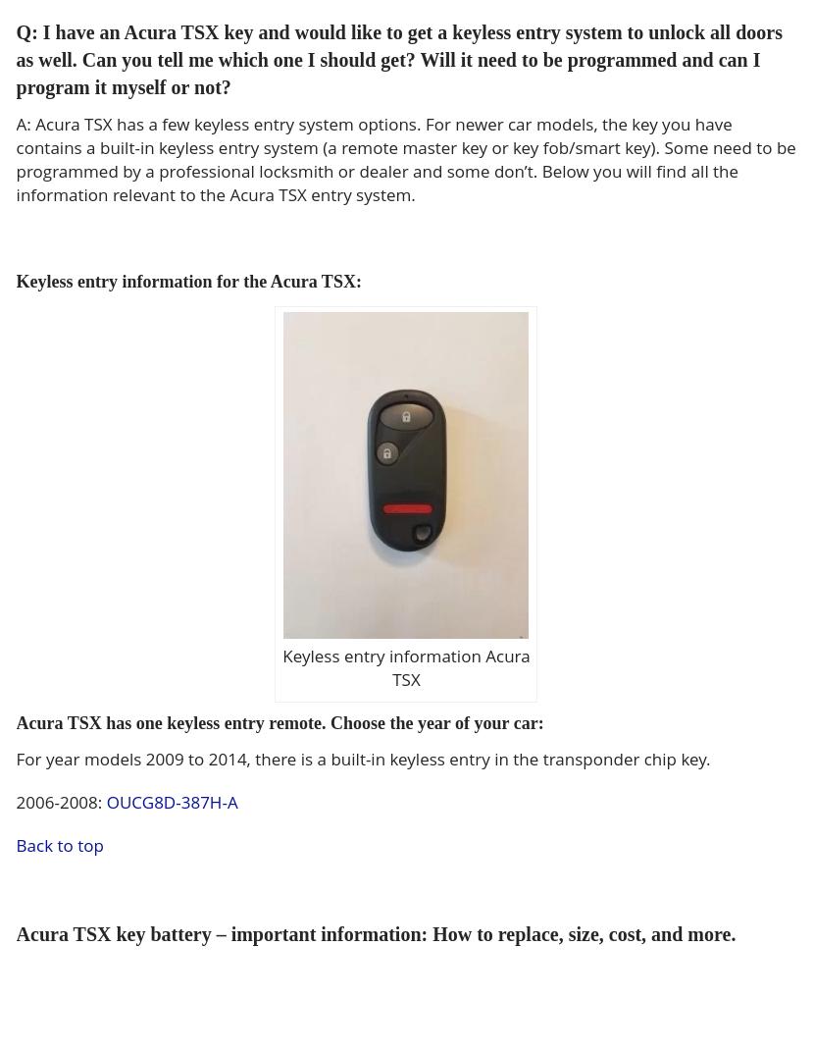 This screenshot has width=813, height=1051. What do you see at coordinates (405, 158) in the screenshot?
I see `'A: Acura TSX has a few keyless entry system options. For newer car models, the key you have contains a built-in keyless entry system (a remote master key or key fob/smart key). Some need to be programmed by a professional locksmith or dealer and some don’t. Below you will find all the information relevant to the Acura TSX entry system.'` at bounding box center [405, 158].